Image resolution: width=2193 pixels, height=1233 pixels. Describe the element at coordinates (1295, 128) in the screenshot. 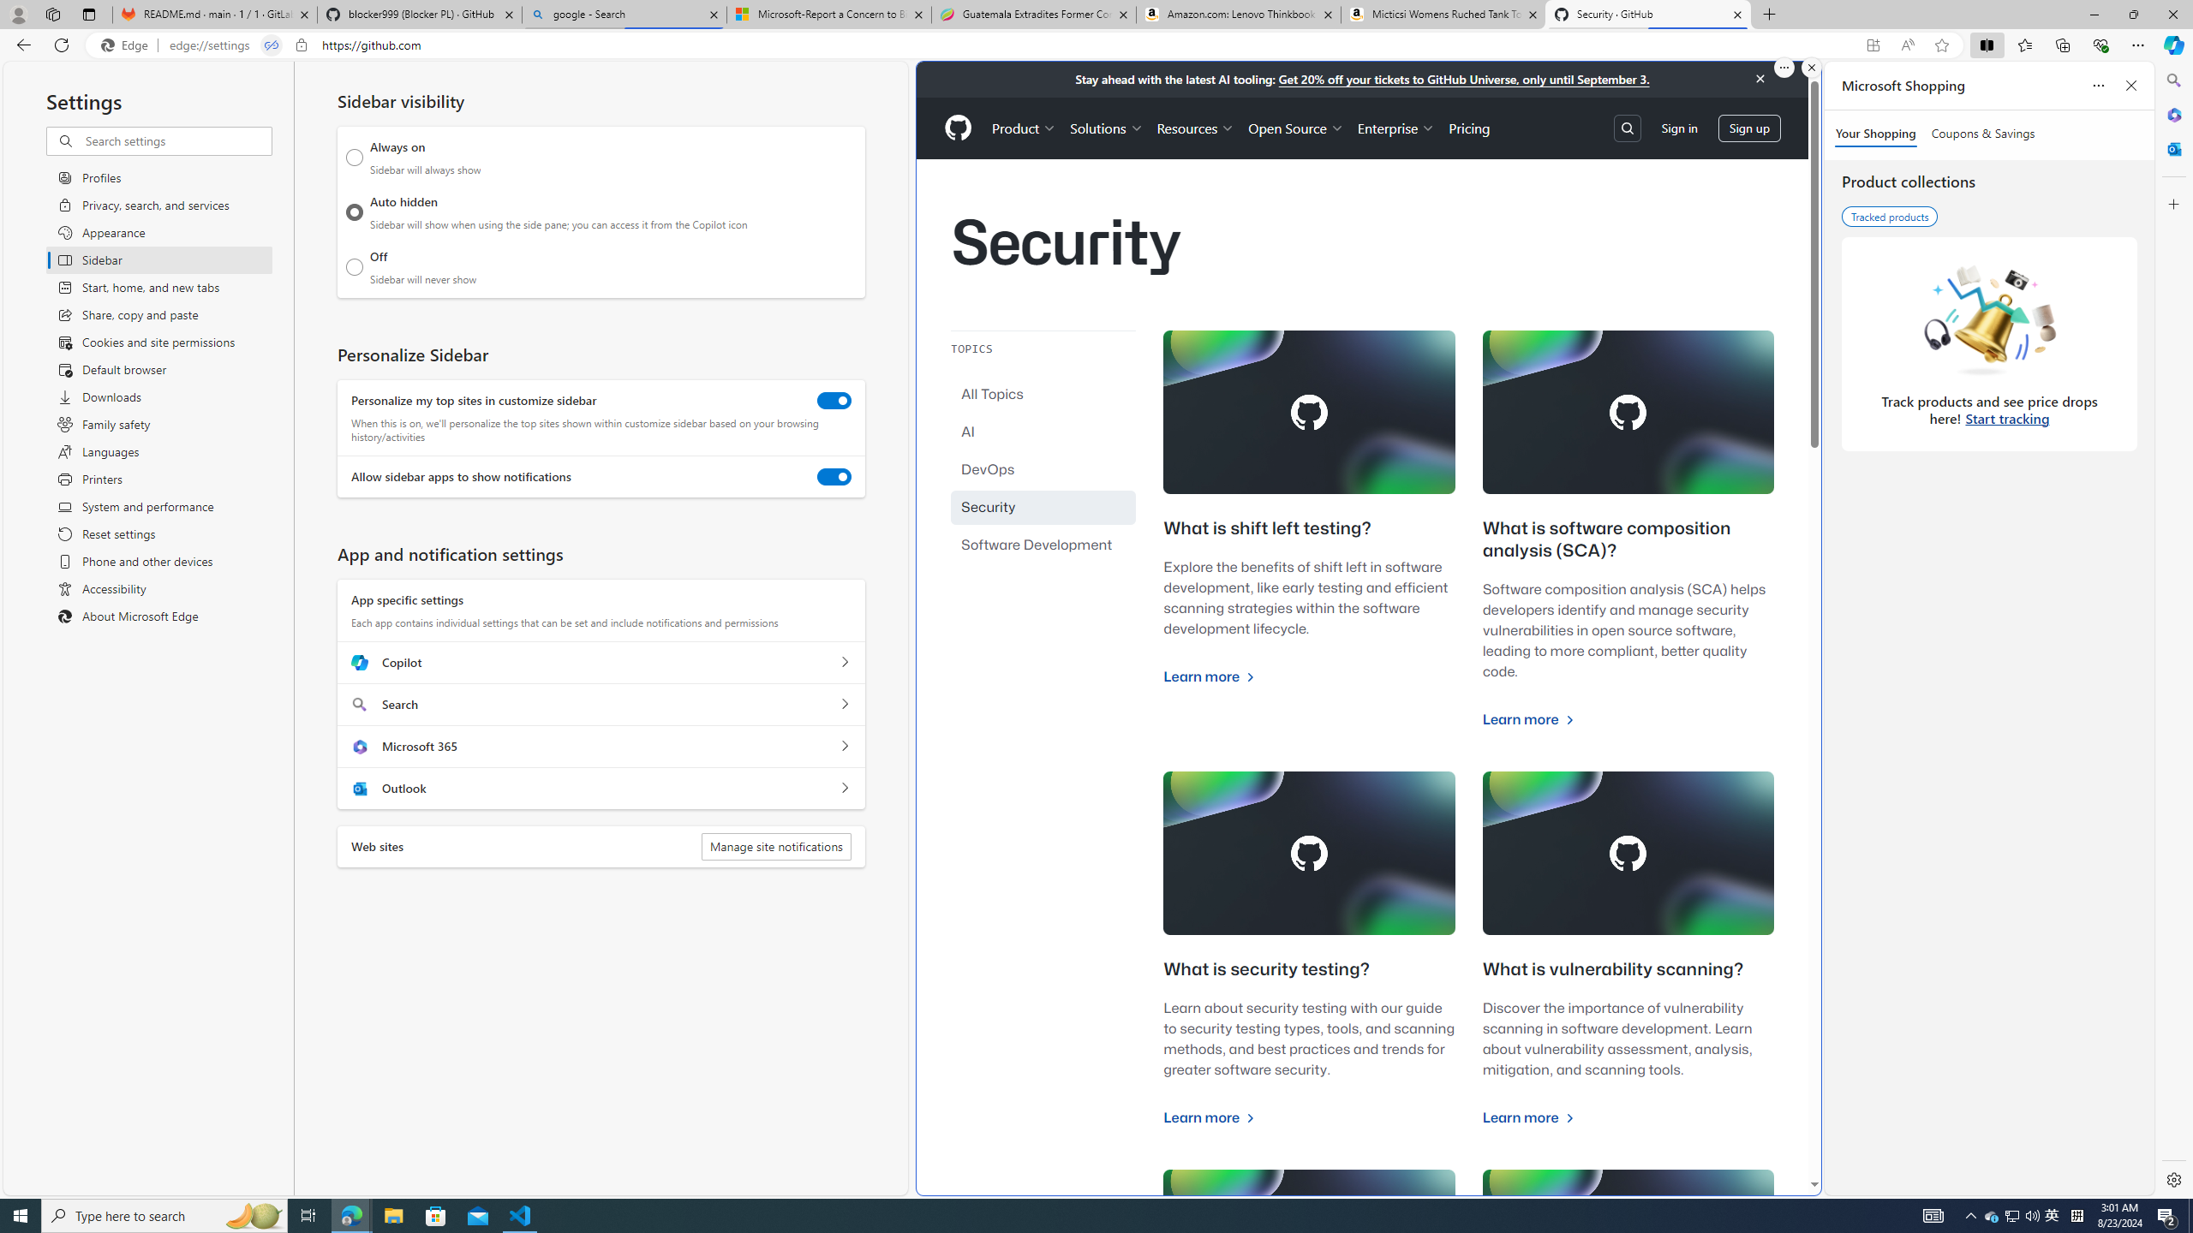

I see `'Open Source'` at that location.